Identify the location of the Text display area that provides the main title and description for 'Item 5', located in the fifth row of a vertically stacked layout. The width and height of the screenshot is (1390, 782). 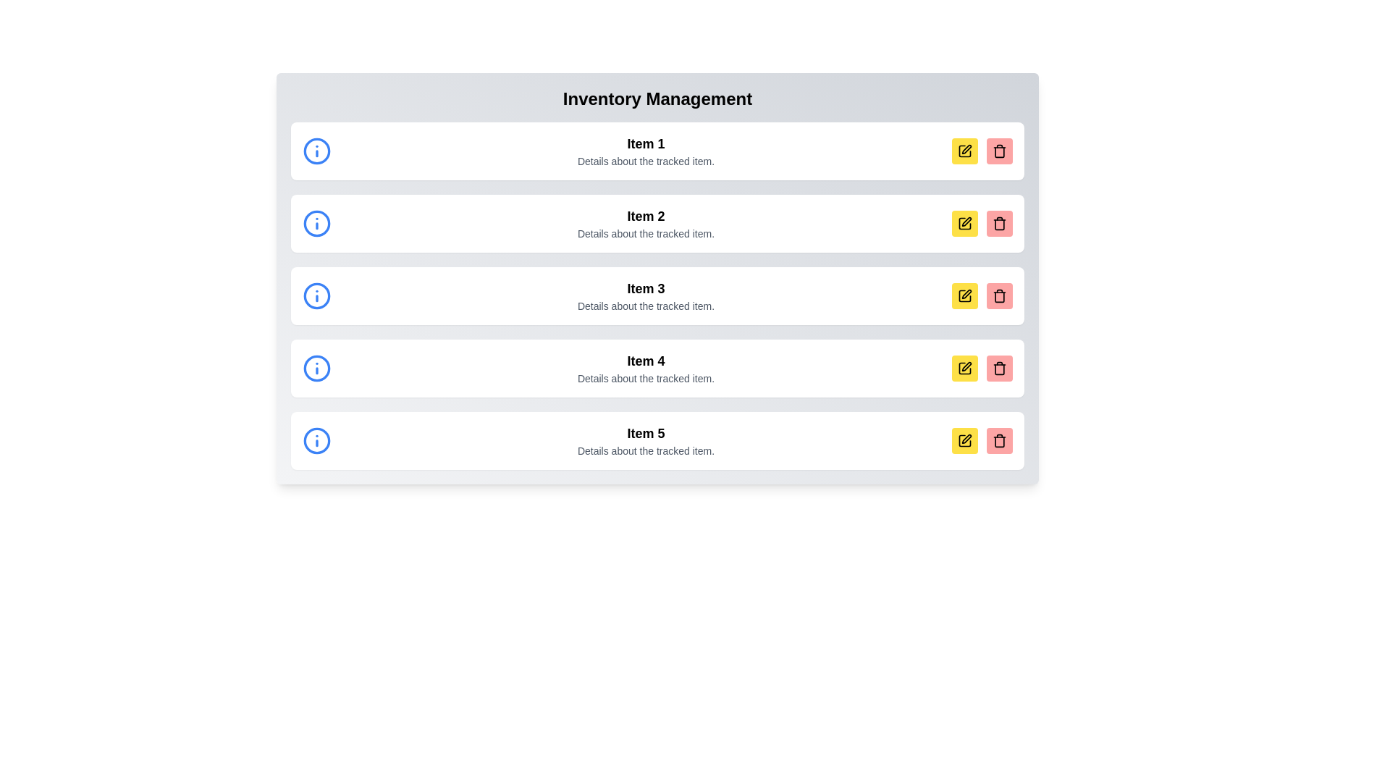
(645, 440).